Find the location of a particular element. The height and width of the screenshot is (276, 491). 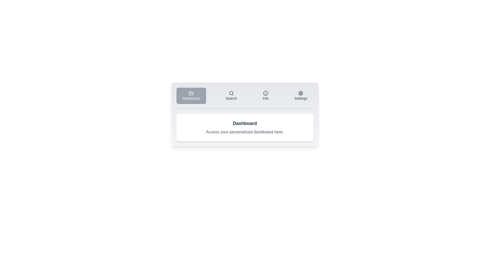

the tab labeled Dashboard is located at coordinates (191, 96).